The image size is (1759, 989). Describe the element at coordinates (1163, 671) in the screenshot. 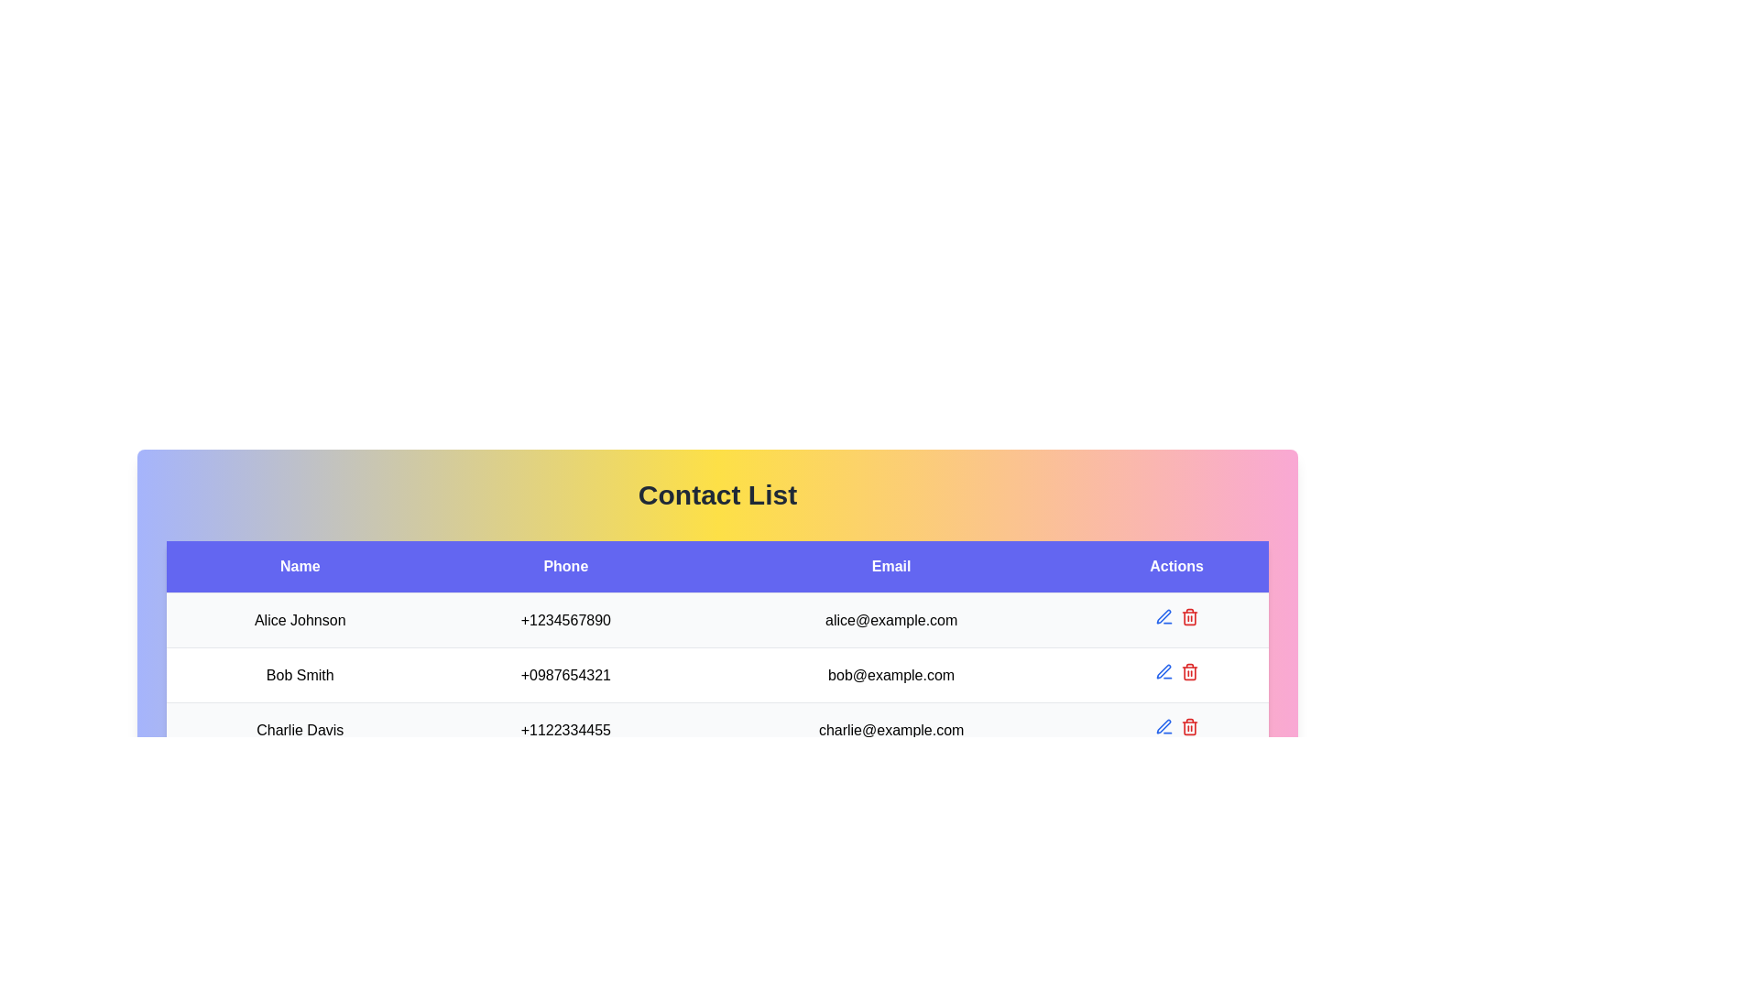

I see `the midsection of the pen icon` at that location.